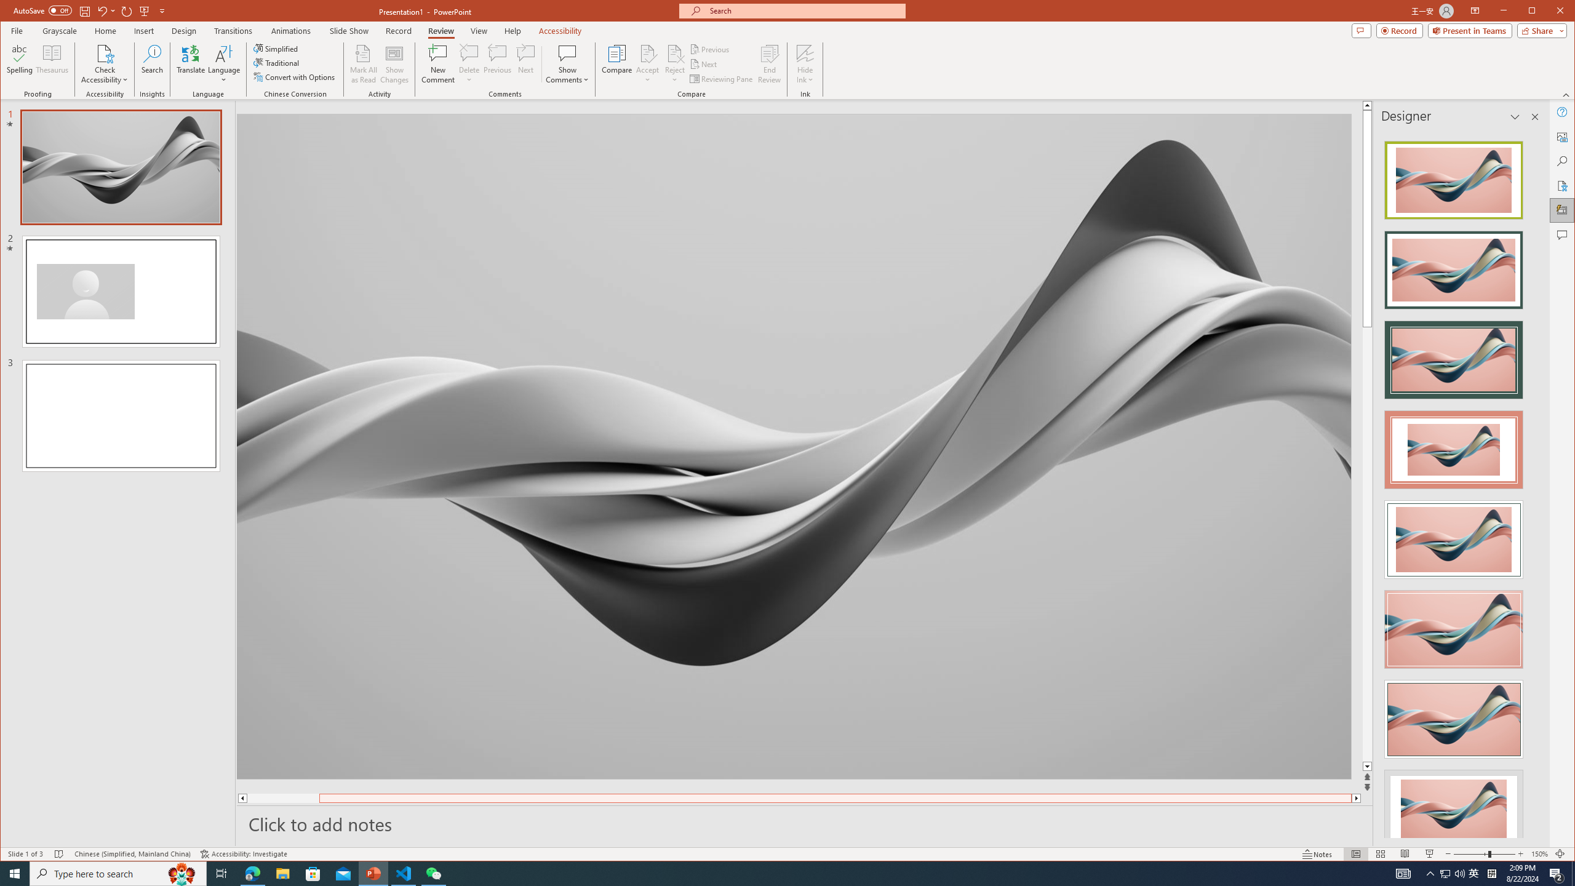 Image resolution: width=1575 pixels, height=886 pixels. Describe the element at coordinates (277, 63) in the screenshot. I see `'Traditional'` at that location.